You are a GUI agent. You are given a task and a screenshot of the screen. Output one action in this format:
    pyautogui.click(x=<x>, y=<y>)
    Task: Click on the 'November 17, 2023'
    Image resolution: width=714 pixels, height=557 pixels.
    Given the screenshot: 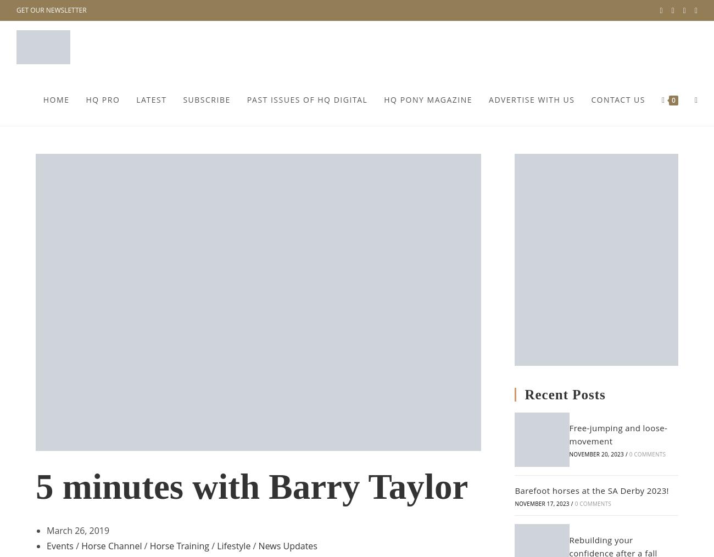 What is the action you would take?
    pyautogui.click(x=541, y=503)
    